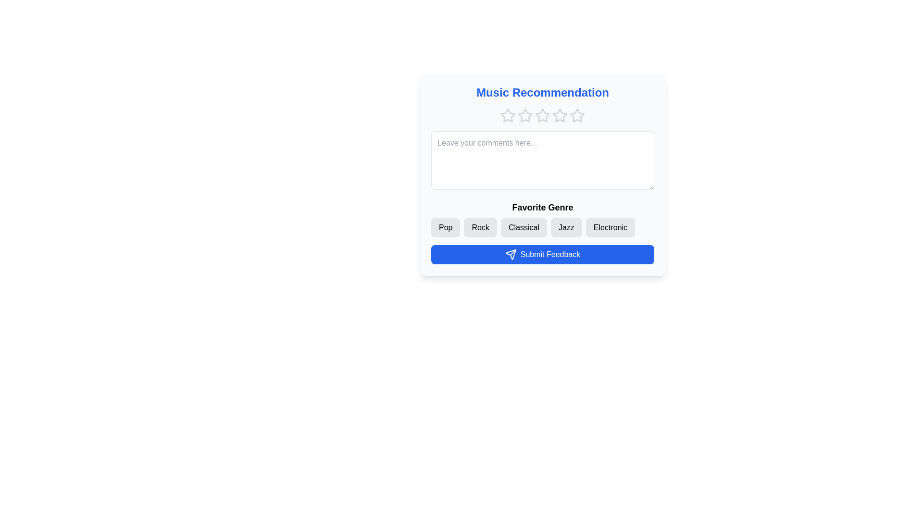 The image size is (923, 519). What do you see at coordinates (542, 115) in the screenshot?
I see `the rating stars in the Rating Component located below the 'Music Recommendation' text` at bounding box center [542, 115].